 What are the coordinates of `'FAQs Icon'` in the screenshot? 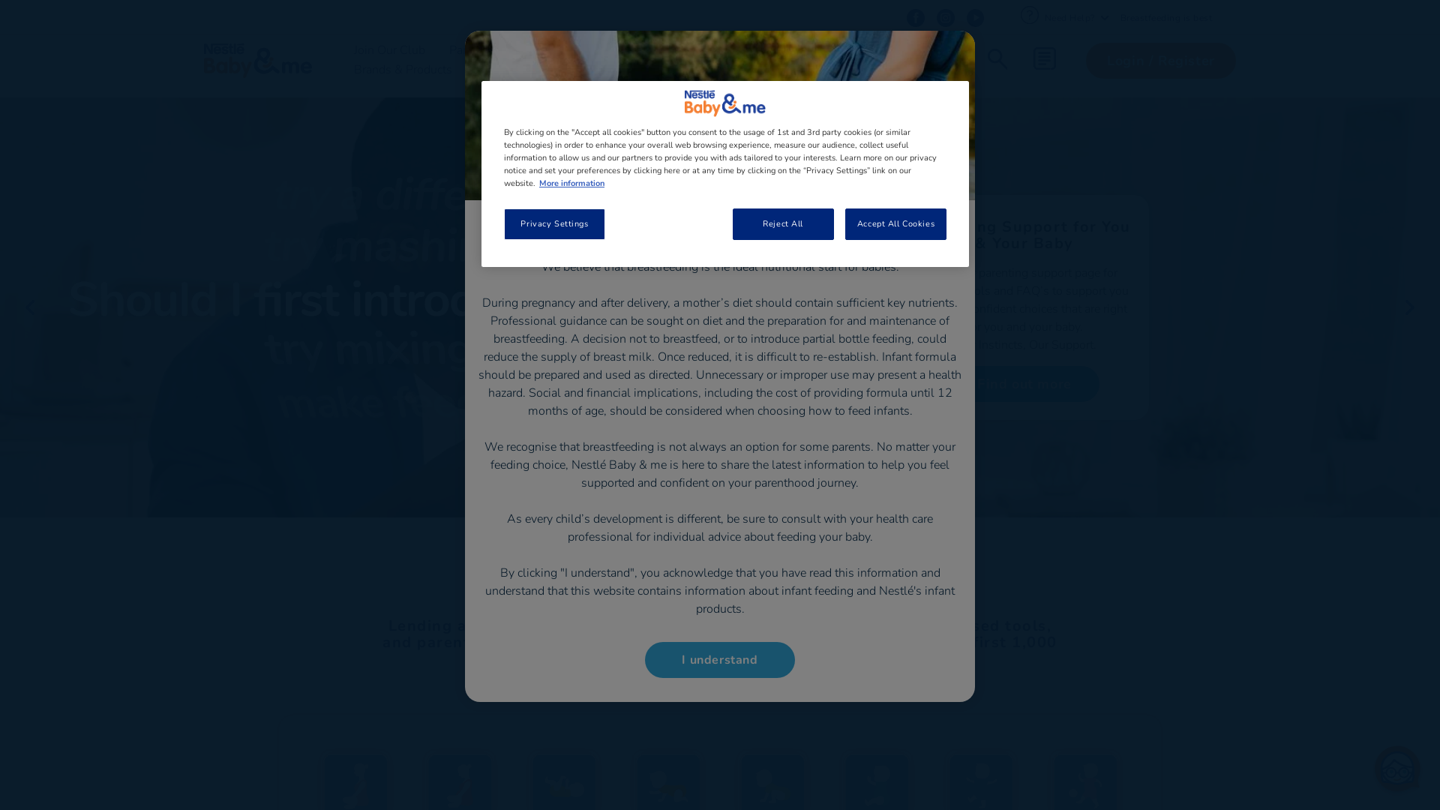 It's located at (1019, 14).